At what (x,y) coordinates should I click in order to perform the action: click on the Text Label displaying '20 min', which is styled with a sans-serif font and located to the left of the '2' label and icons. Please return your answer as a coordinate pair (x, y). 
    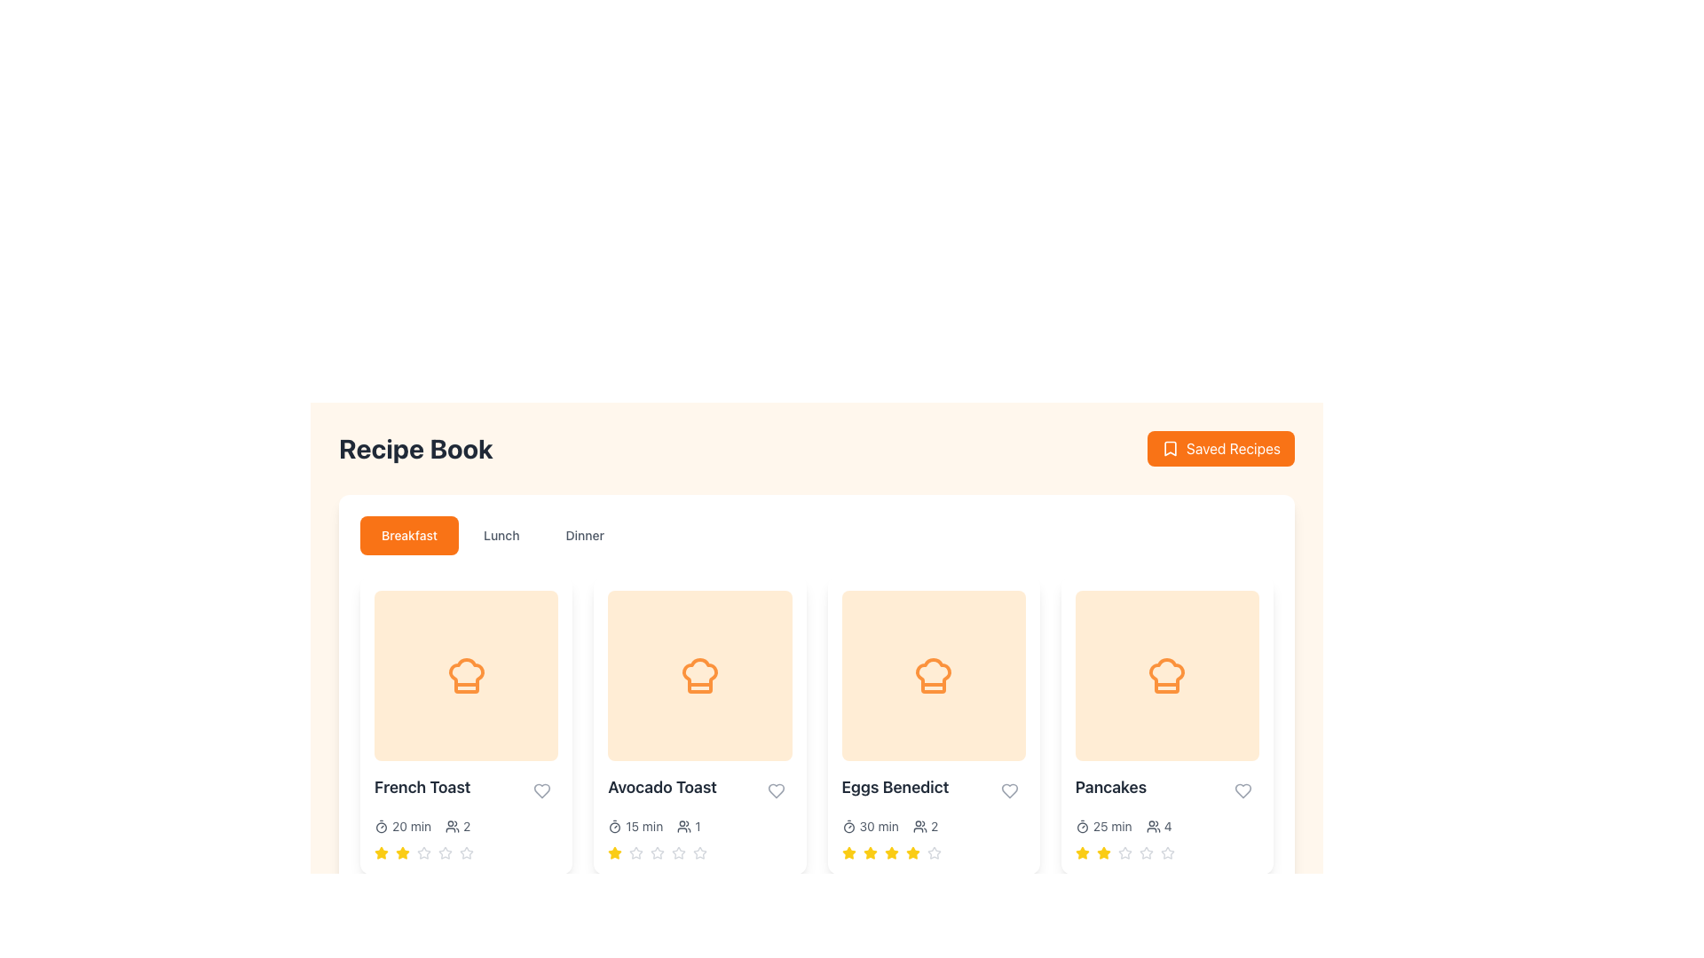
    Looking at the image, I should click on (402, 827).